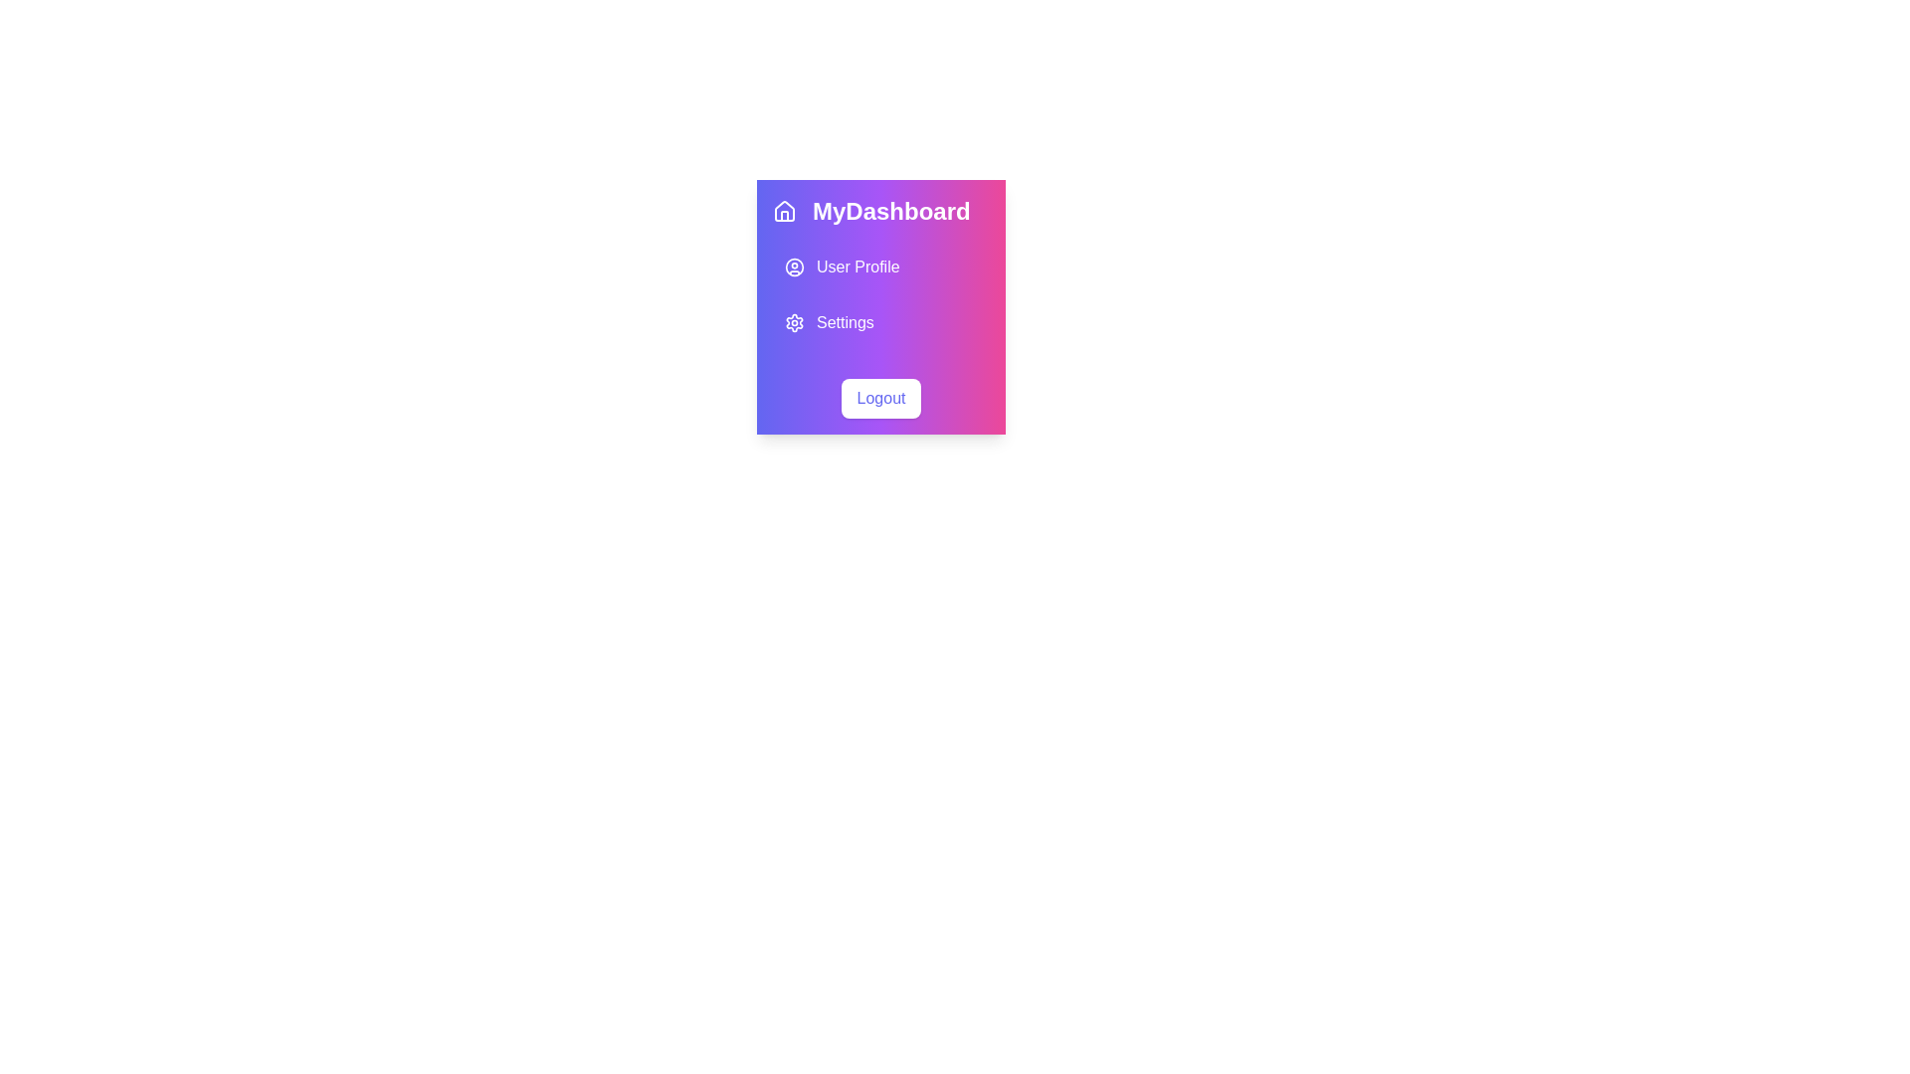  Describe the element at coordinates (793, 267) in the screenshot. I see `the circular user profile icon with a white stroke that is located to the left of the 'User Profile' text` at that location.